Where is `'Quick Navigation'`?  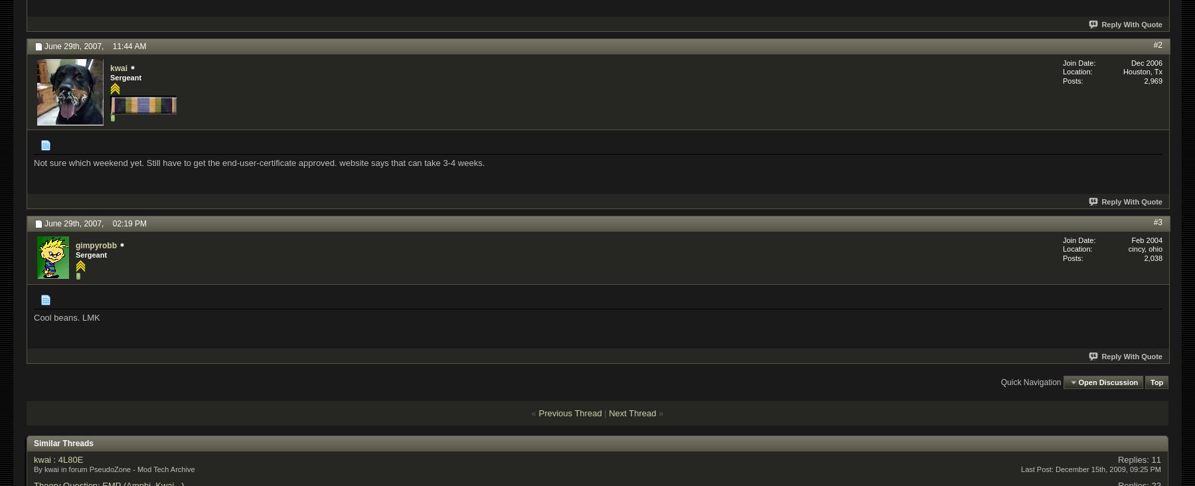 'Quick Navigation' is located at coordinates (1030, 382).